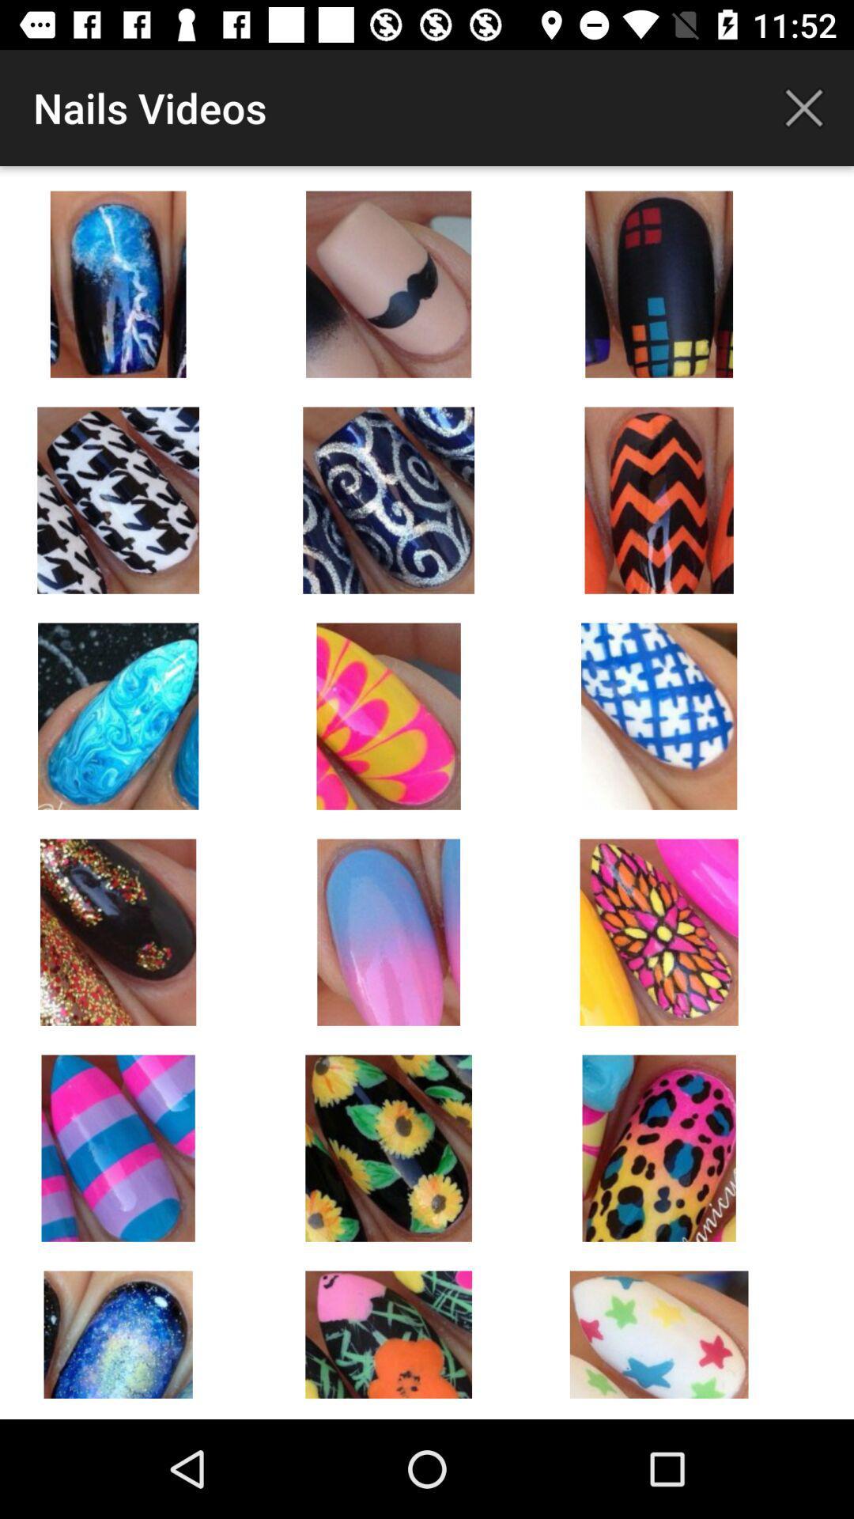 The height and width of the screenshot is (1519, 854). I want to click on app next to nails videos icon, so click(804, 107).